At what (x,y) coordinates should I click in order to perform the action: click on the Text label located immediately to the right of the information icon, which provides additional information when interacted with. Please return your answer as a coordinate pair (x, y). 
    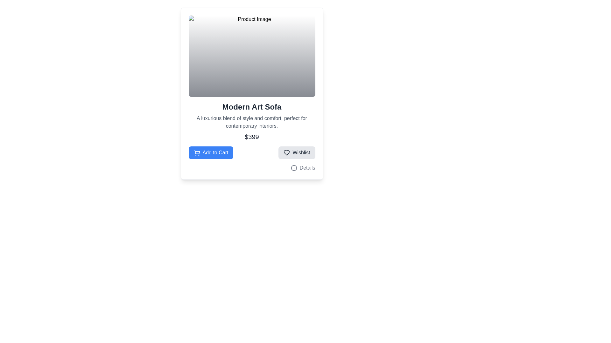
    Looking at the image, I should click on (307, 167).